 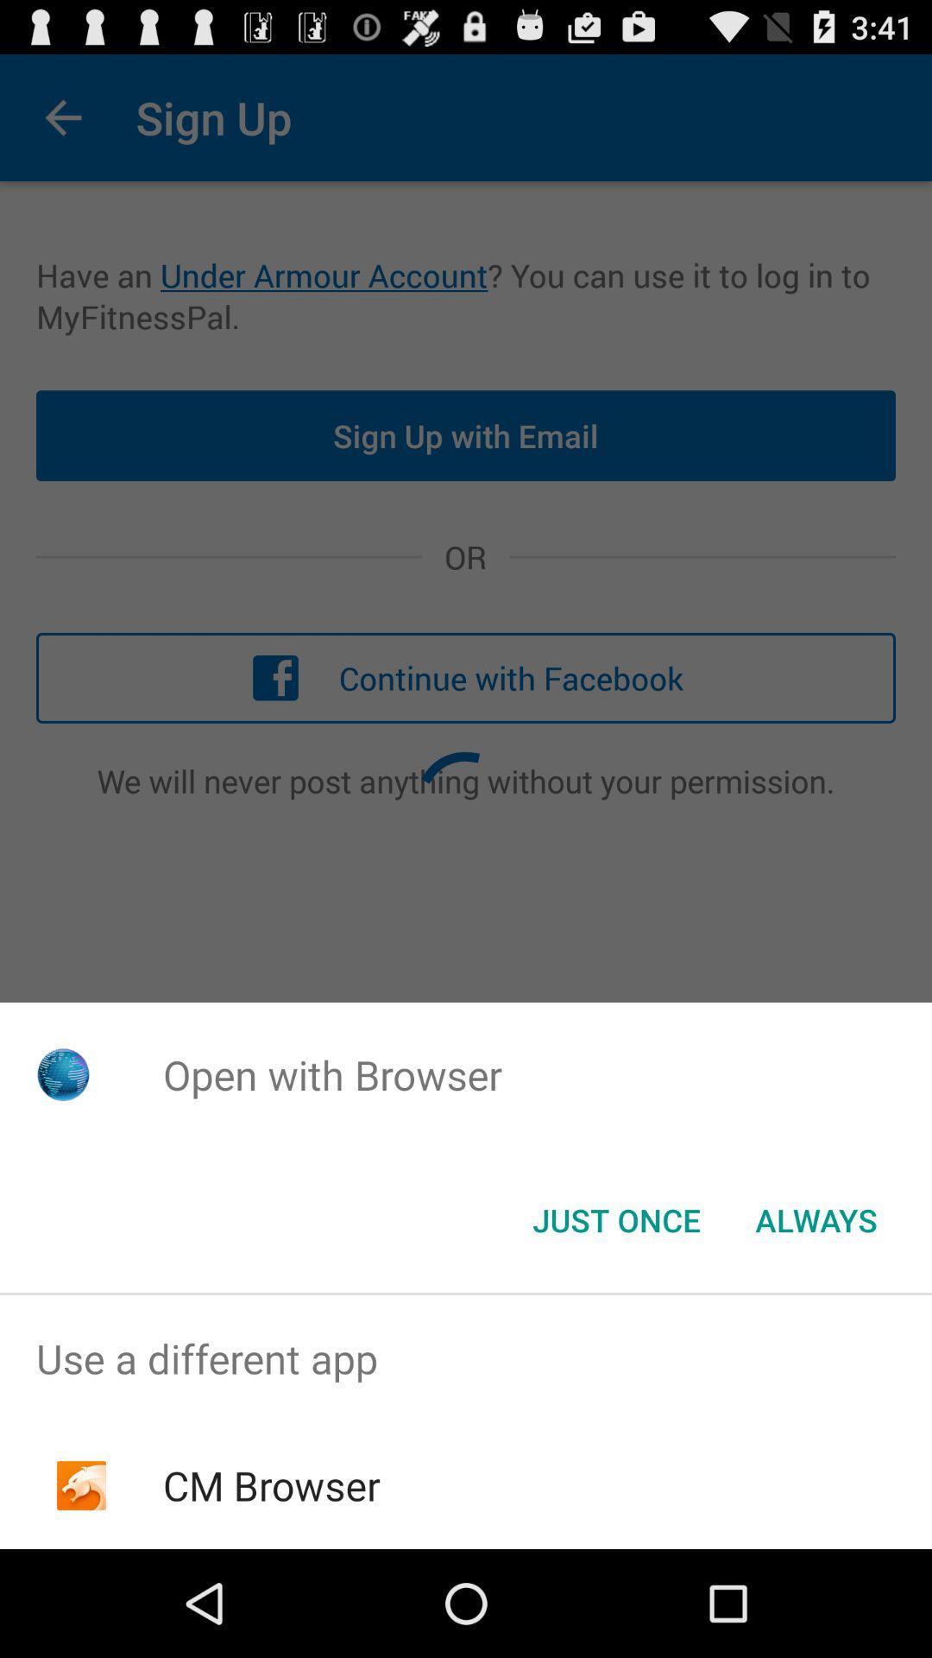 What do you see at coordinates (272, 1484) in the screenshot?
I see `the cm browser` at bounding box center [272, 1484].